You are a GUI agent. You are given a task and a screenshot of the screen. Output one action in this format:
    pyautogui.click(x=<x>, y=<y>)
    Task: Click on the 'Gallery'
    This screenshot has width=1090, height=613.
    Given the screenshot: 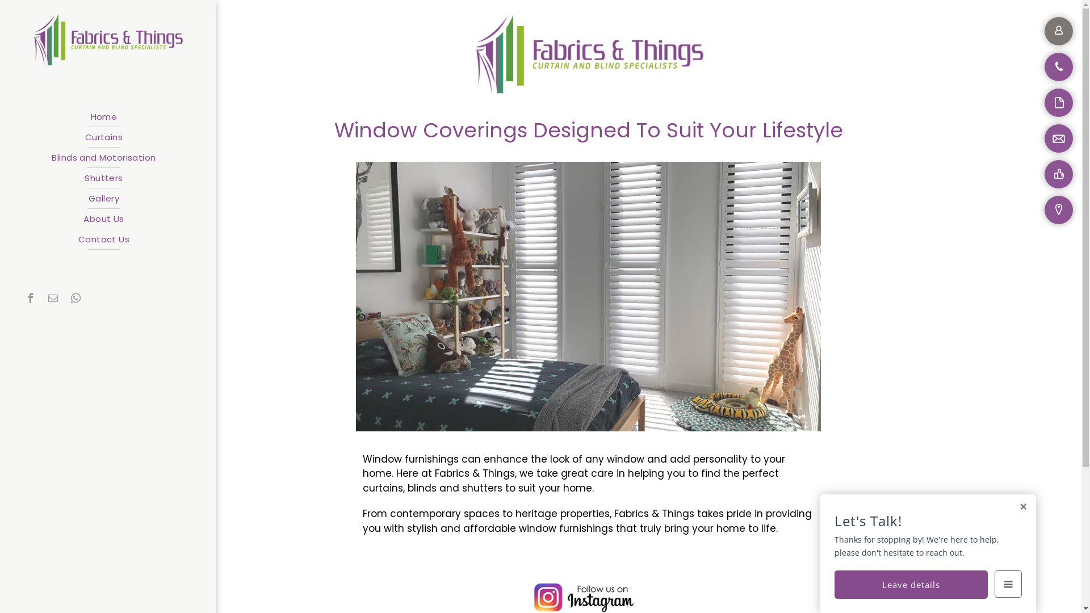 What is the action you would take?
    pyautogui.click(x=103, y=198)
    